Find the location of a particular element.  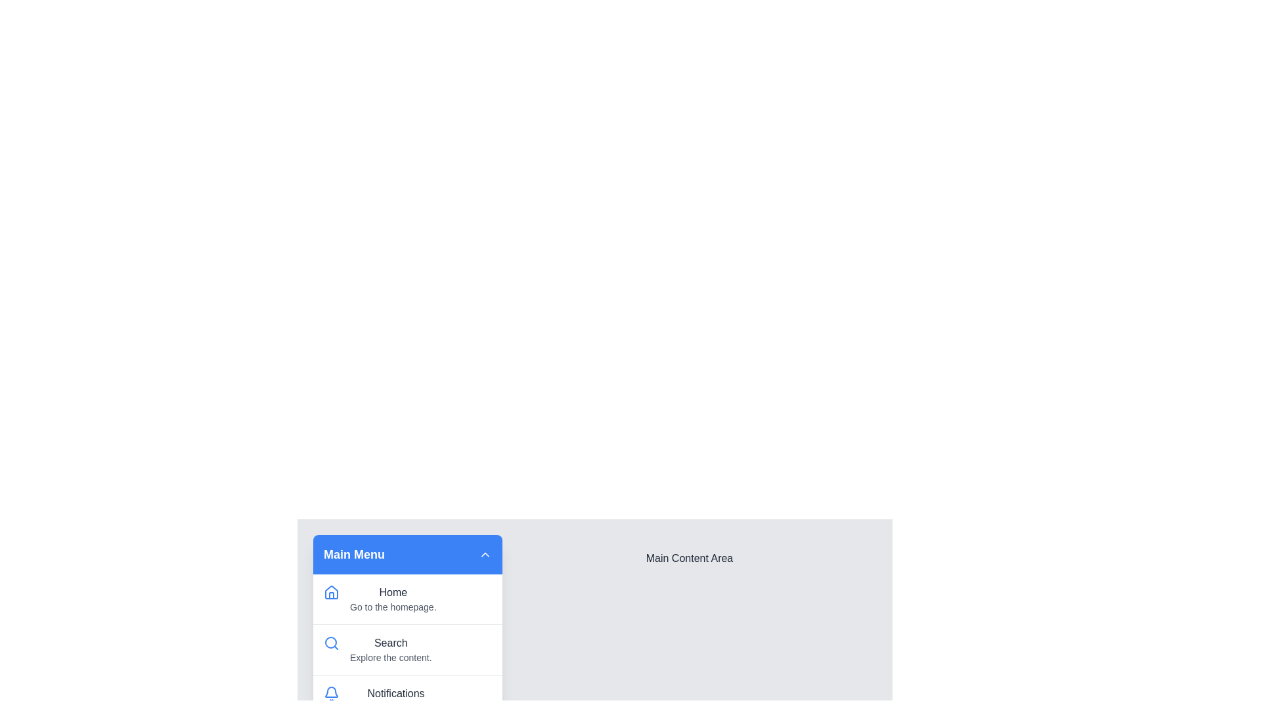

the menu item Home to highlight it is located at coordinates (393, 590).